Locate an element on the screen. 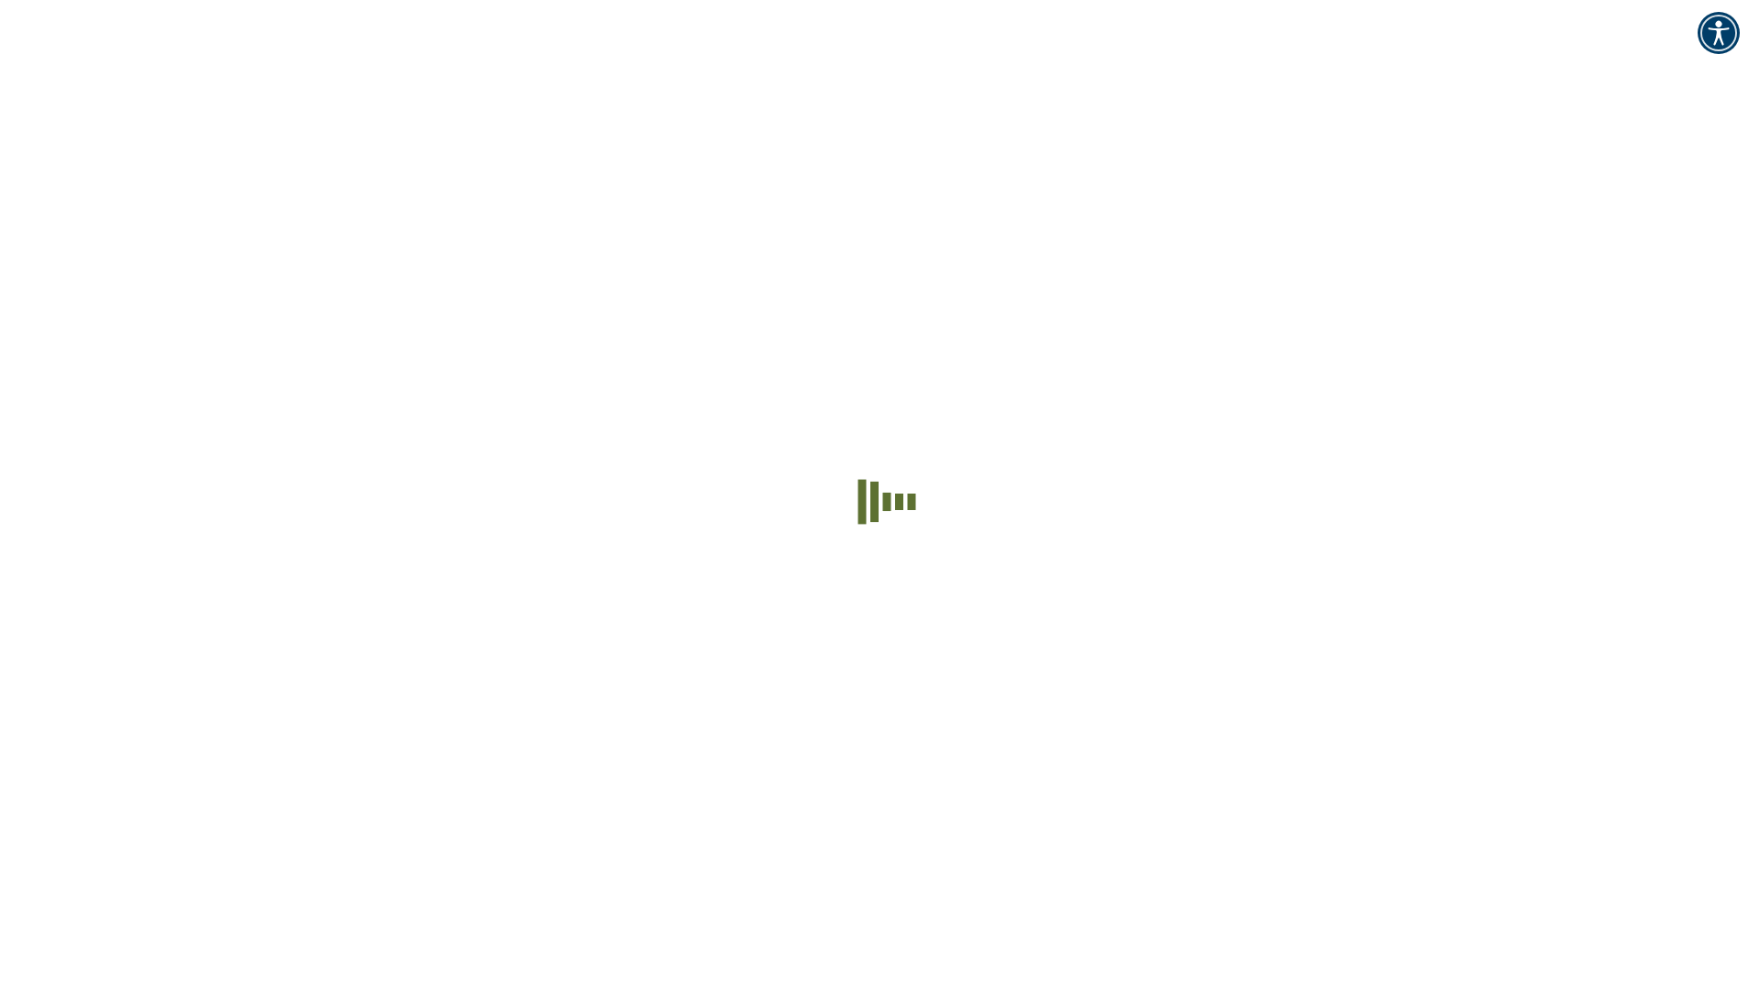  'Zoom in/out' is located at coordinates (70, 774).